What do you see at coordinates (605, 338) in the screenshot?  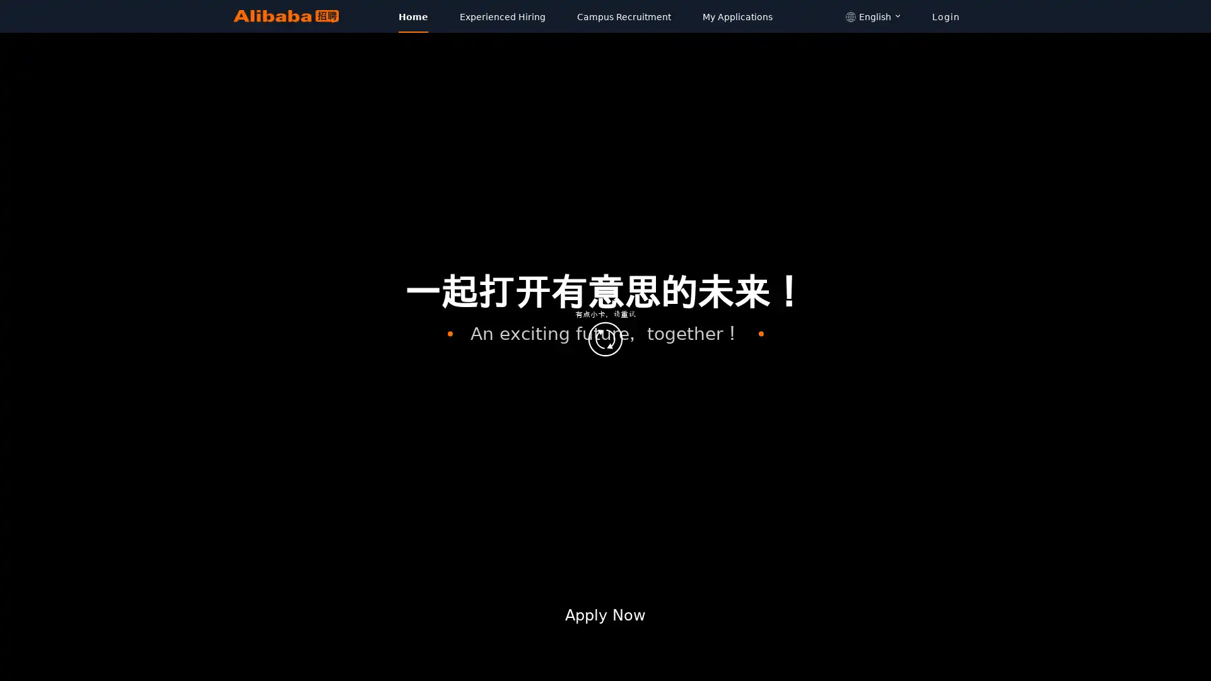 I see `retry` at bounding box center [605, 338].